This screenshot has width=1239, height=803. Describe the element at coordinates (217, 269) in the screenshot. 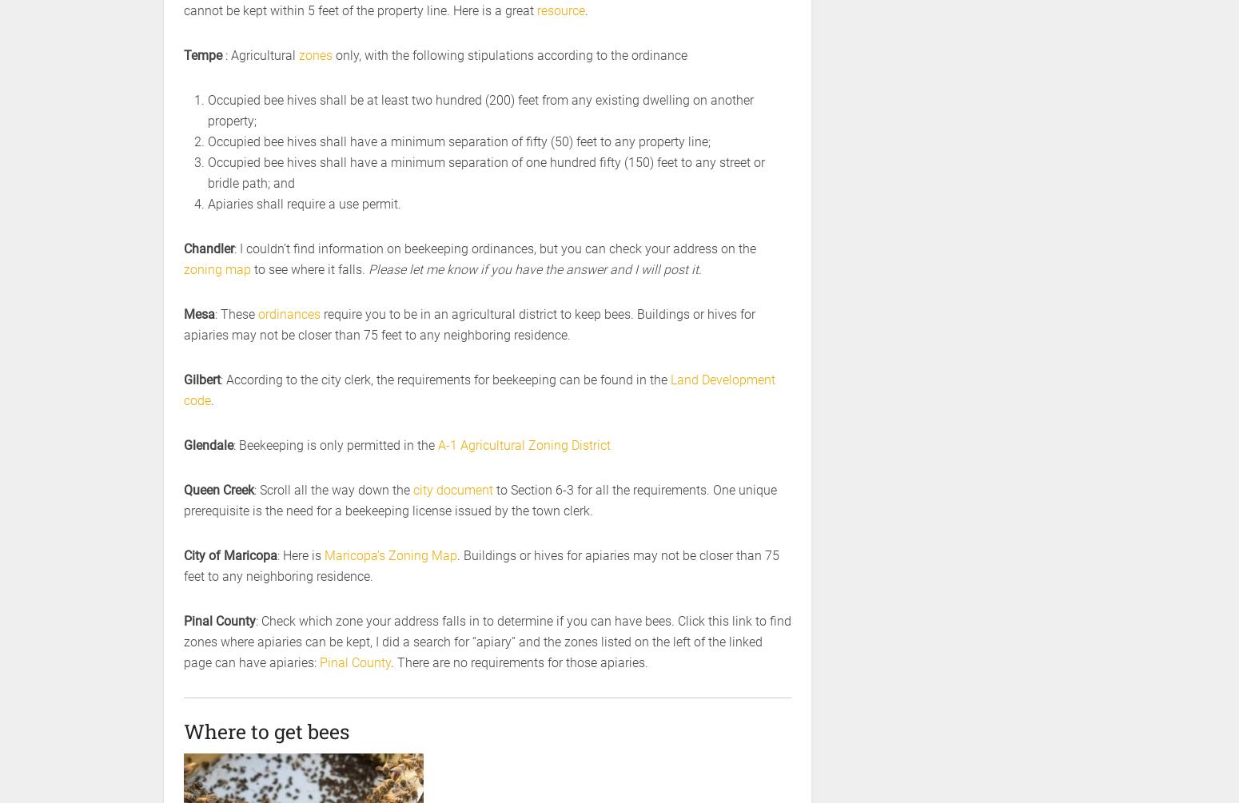

I see `'zoning map'` at that location.